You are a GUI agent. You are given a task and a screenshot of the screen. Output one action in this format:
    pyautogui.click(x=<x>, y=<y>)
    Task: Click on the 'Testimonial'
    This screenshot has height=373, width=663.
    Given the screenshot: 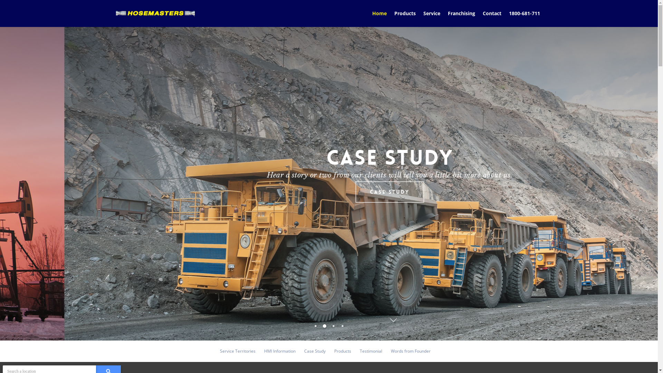 What is the action you would take?
    pyautogui.click(x=371, y=351)
    